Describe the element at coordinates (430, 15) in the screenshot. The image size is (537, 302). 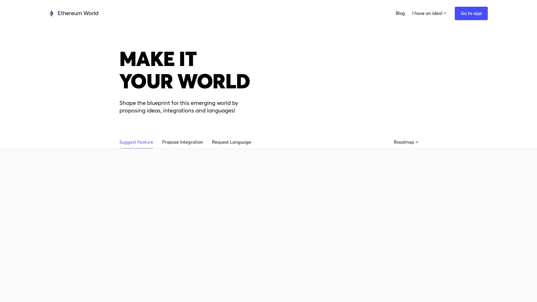
I see `Go to app` at that location.